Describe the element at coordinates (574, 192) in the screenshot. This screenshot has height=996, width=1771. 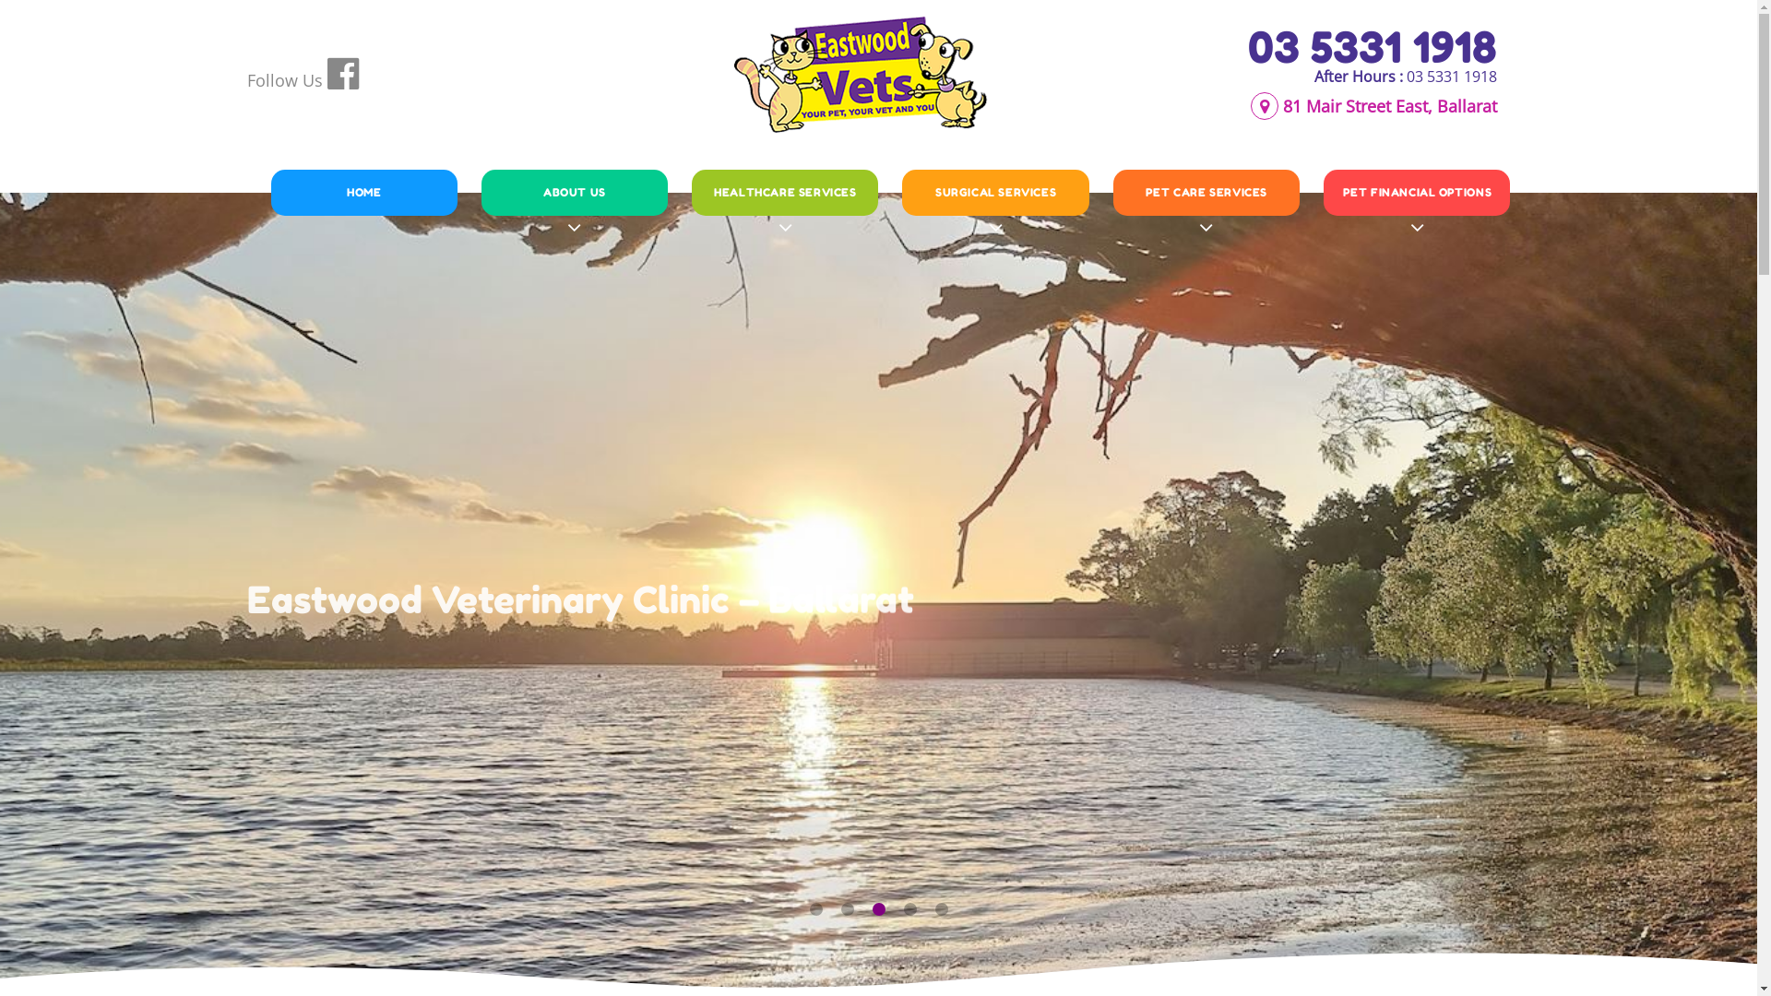
I see `'ABOUT US'` at that location.